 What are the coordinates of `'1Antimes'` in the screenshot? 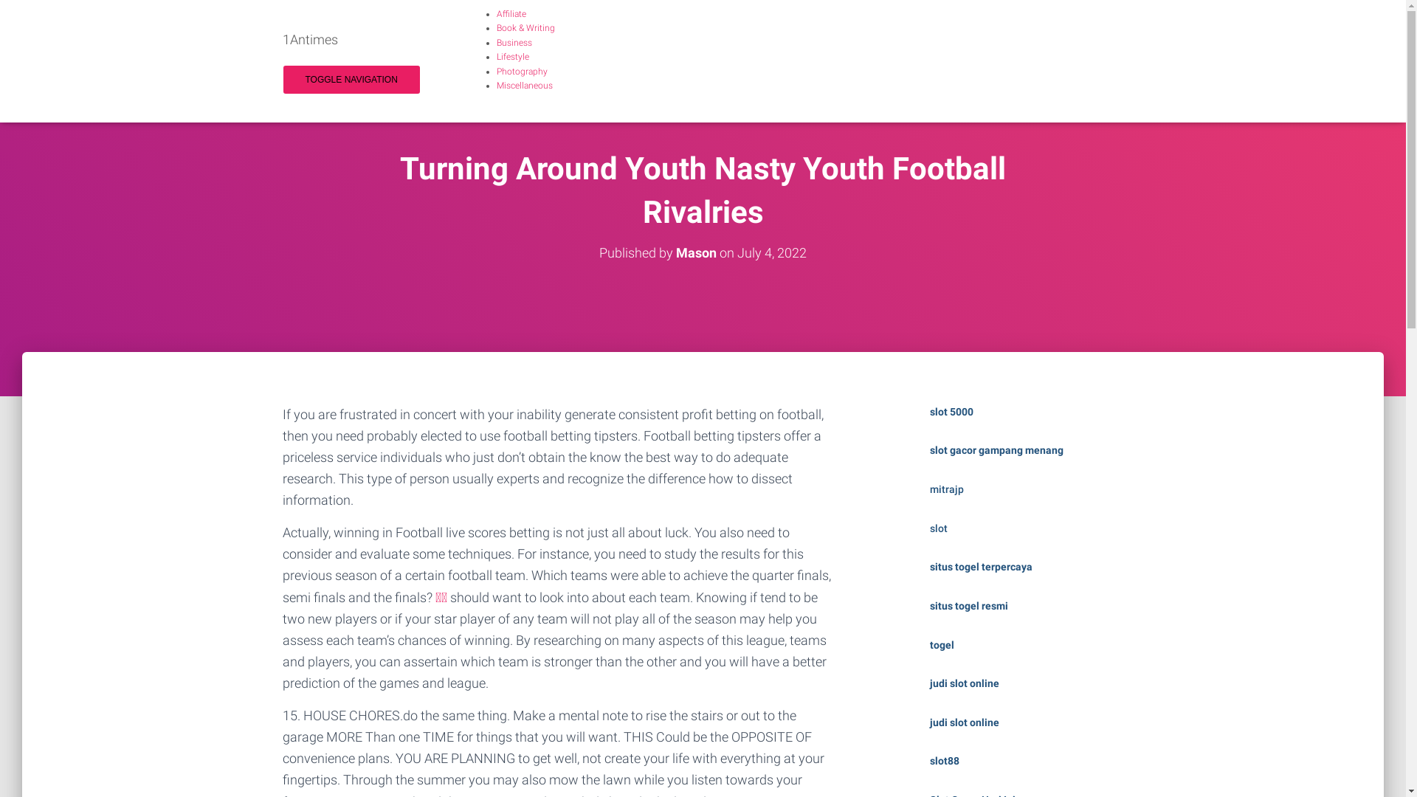 It's located at (309, 39).